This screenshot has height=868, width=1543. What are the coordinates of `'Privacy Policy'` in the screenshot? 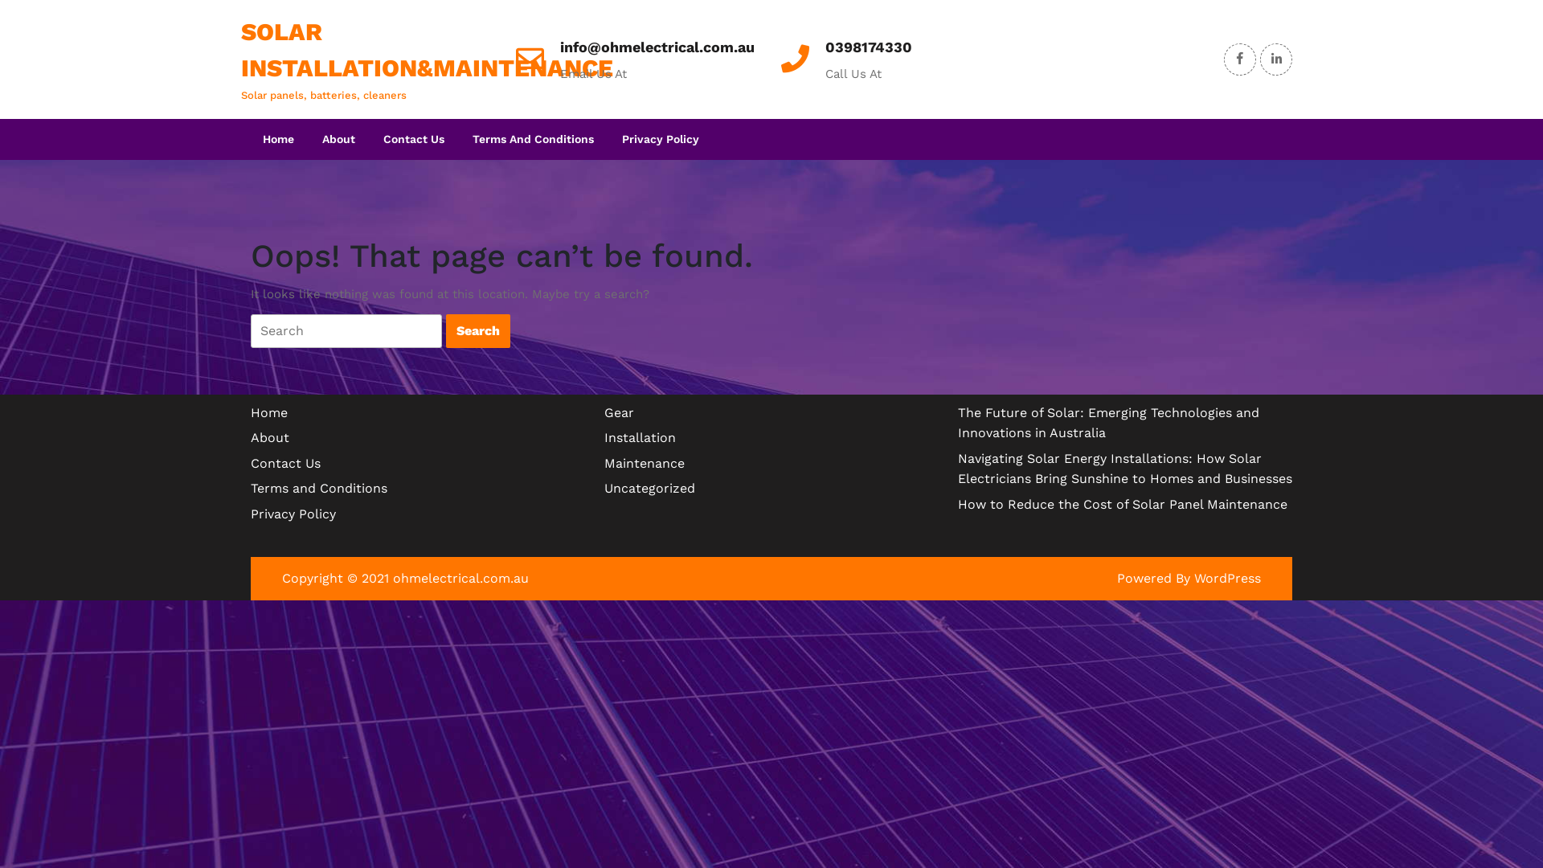 It's located at (293, 514).